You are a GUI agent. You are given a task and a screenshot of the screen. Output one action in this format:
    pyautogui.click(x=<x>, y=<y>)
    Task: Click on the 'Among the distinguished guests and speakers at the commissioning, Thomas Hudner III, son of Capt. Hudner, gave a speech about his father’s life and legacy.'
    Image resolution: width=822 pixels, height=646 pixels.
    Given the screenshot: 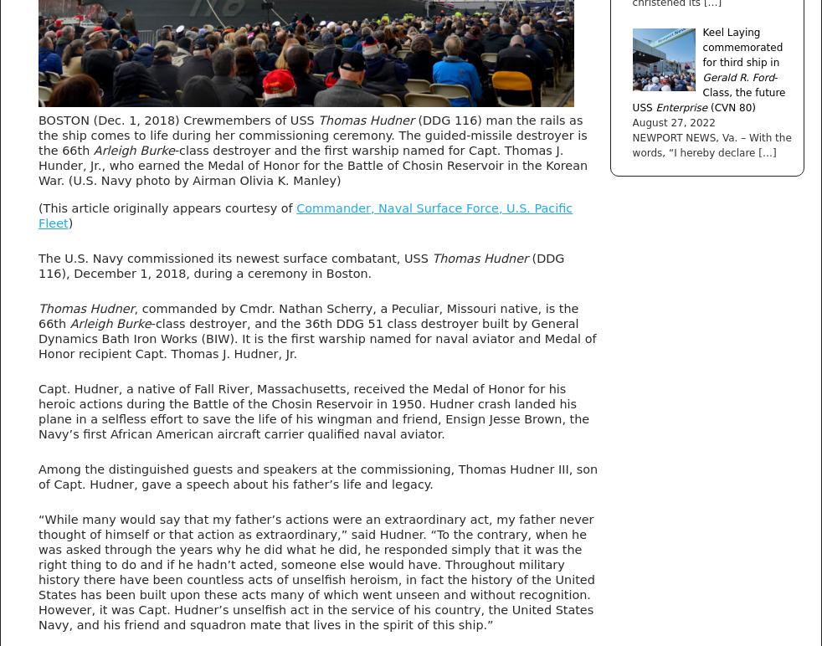 What is the action you would take?
    pyautogui.click(x=37, y=474)
    